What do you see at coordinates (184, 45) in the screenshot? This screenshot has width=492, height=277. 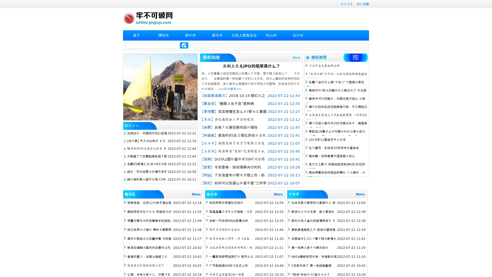 I see `Search` at bounding box center [184, 45].